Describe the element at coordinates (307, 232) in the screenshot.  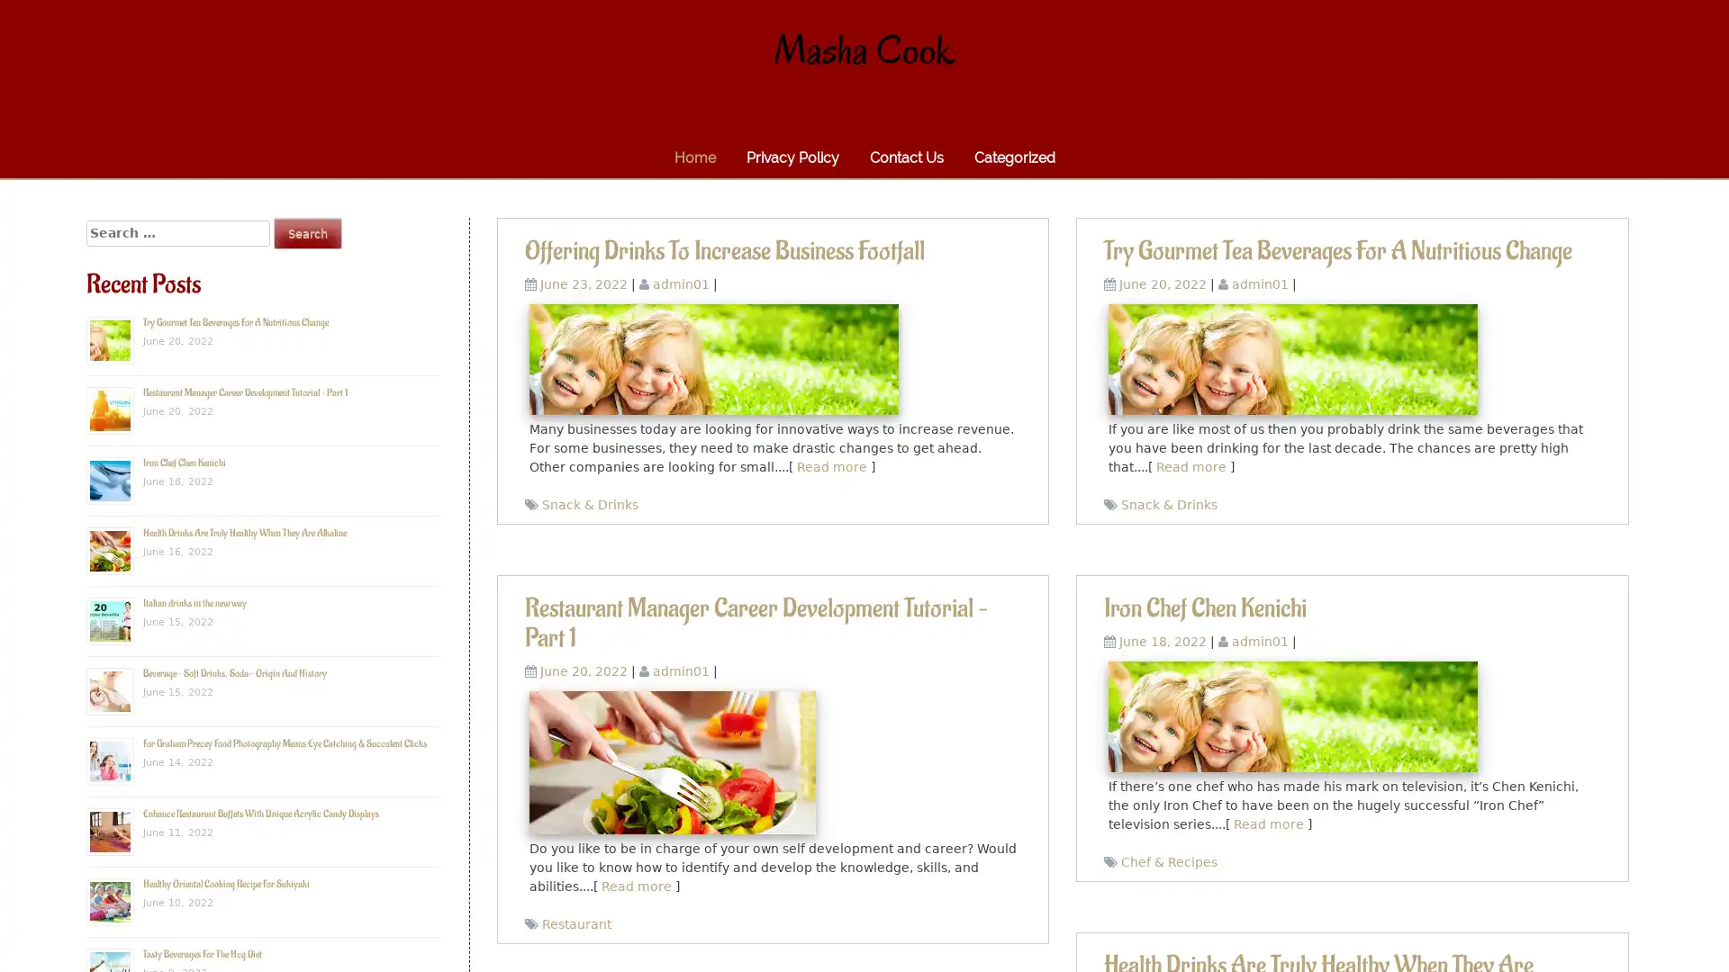
I see `Search` at that location.